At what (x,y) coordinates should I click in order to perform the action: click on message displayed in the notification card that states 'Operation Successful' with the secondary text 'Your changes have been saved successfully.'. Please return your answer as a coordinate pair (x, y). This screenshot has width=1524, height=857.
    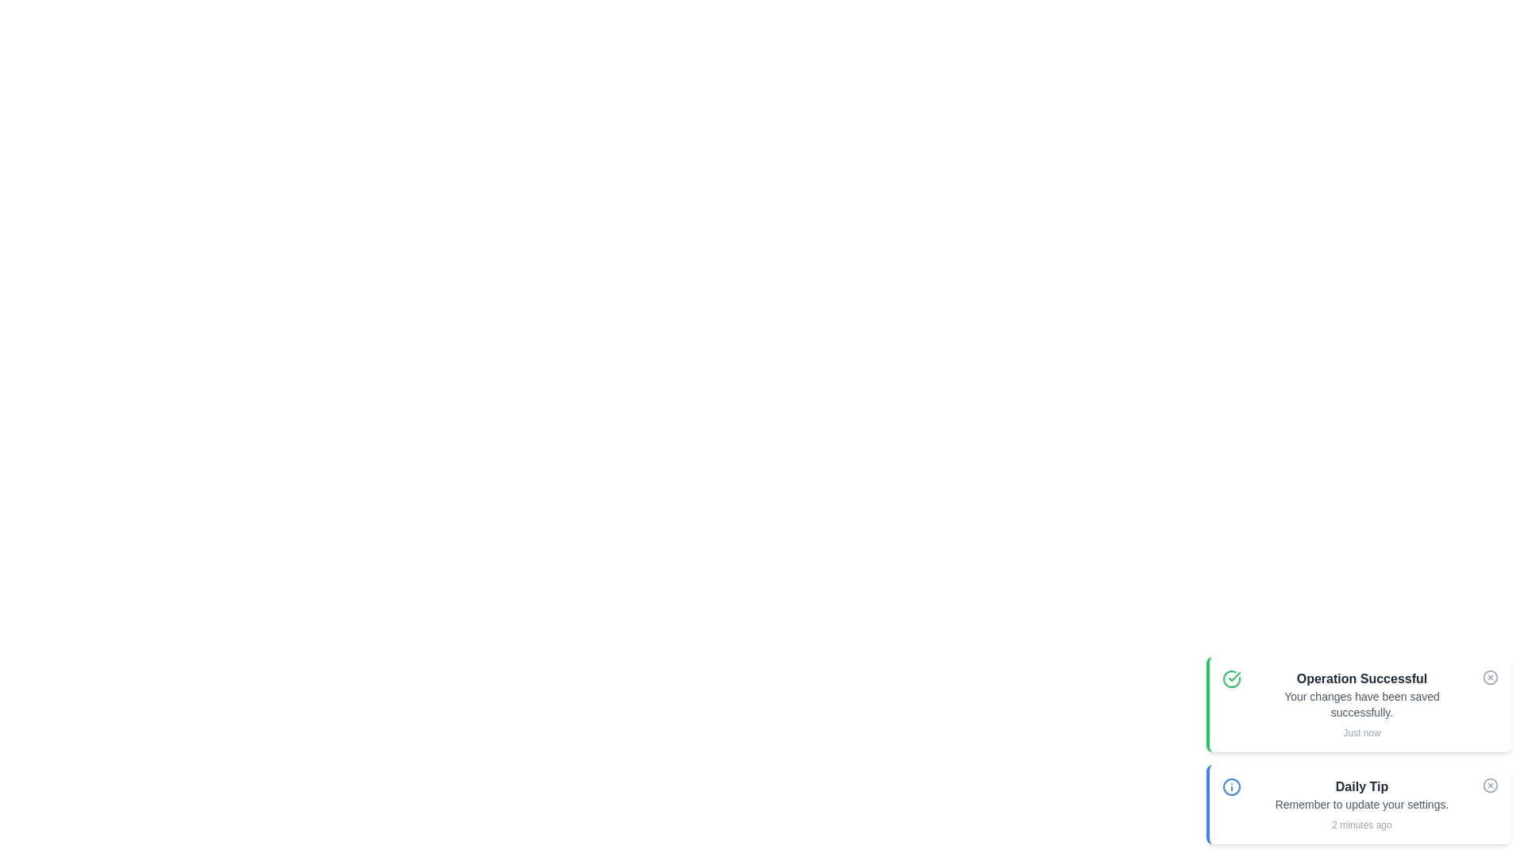
    Looking at the image, I should click on (1361, 703).